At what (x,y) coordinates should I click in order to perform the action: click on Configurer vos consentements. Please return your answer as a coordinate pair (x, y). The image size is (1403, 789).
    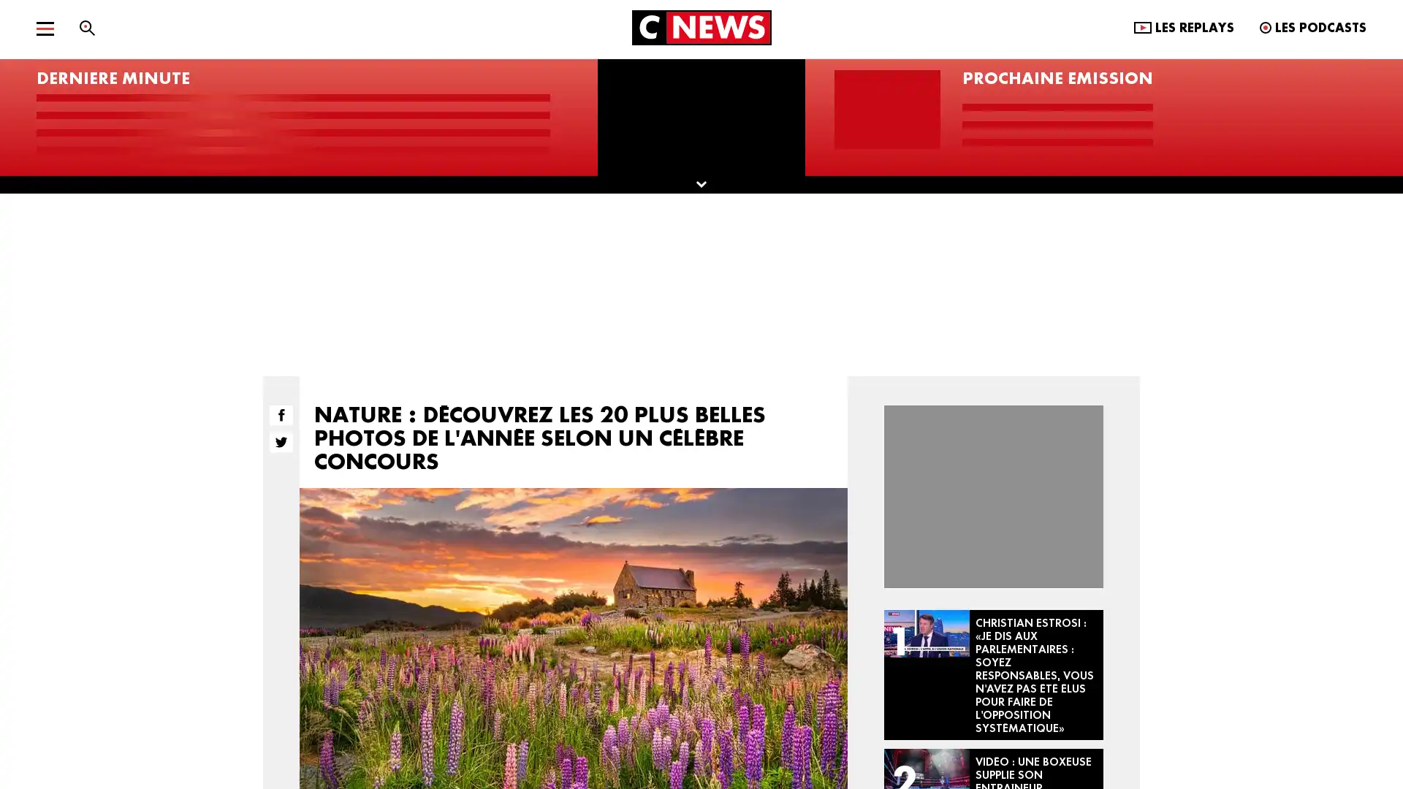
    Looking at the image, I should click on (624, 549).